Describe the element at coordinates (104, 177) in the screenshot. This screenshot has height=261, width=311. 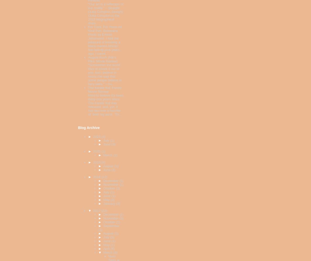
I see `'(12)'` at that location.